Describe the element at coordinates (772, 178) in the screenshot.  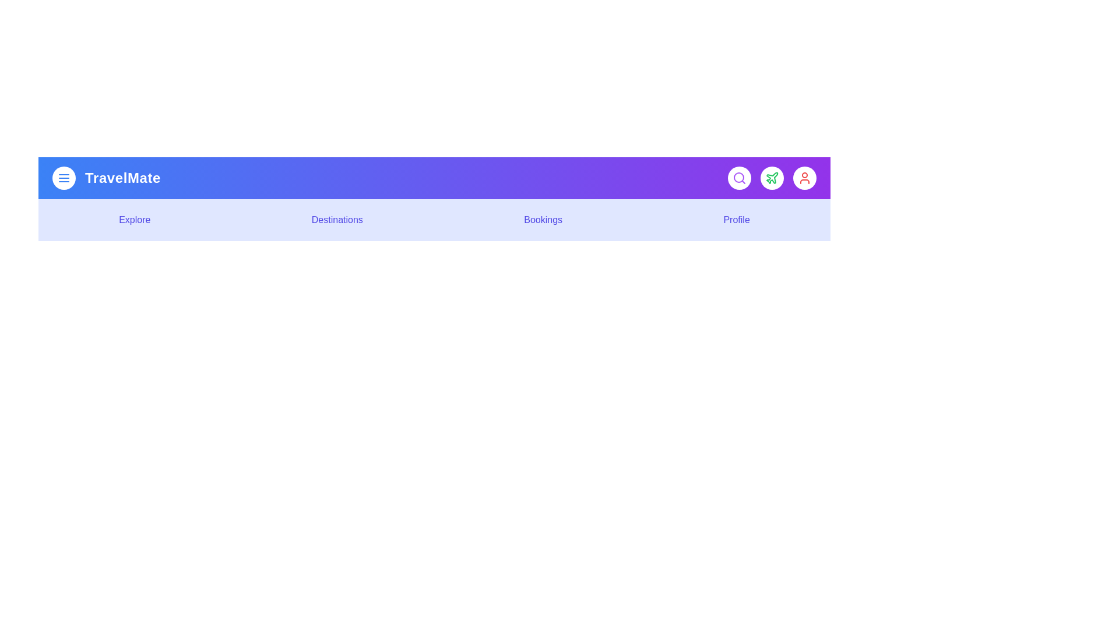
I see `the plane button to navigate to destinations` at that location.